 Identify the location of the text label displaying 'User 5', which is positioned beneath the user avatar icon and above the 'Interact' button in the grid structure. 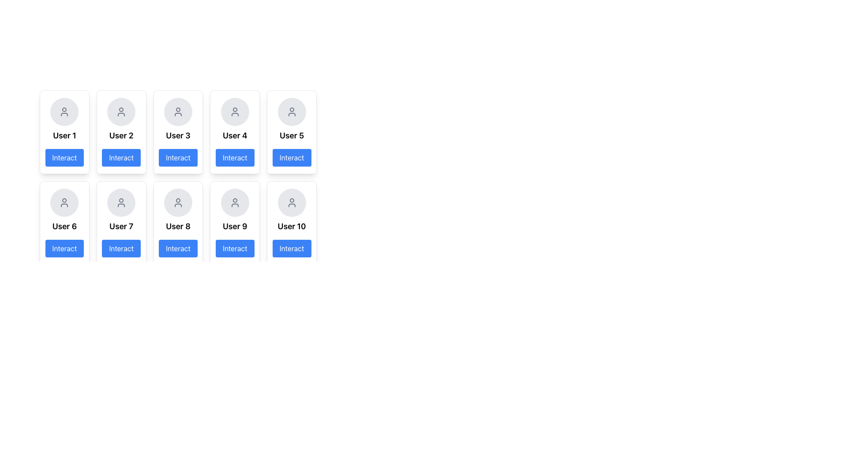
(292, 136).